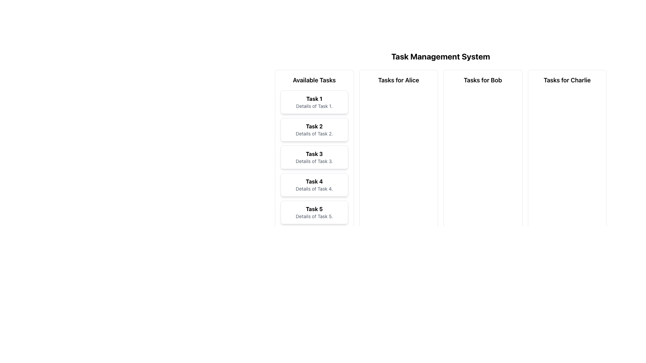 Image resolution: width=646 pixels, height=363 pixels. Describe the element at coordinates (314, 129) in the screenshot. I see `the rectangular card displaying 'Task 2' with rounded corners and shadow, located in the 'Available Tasks' section` at that location.